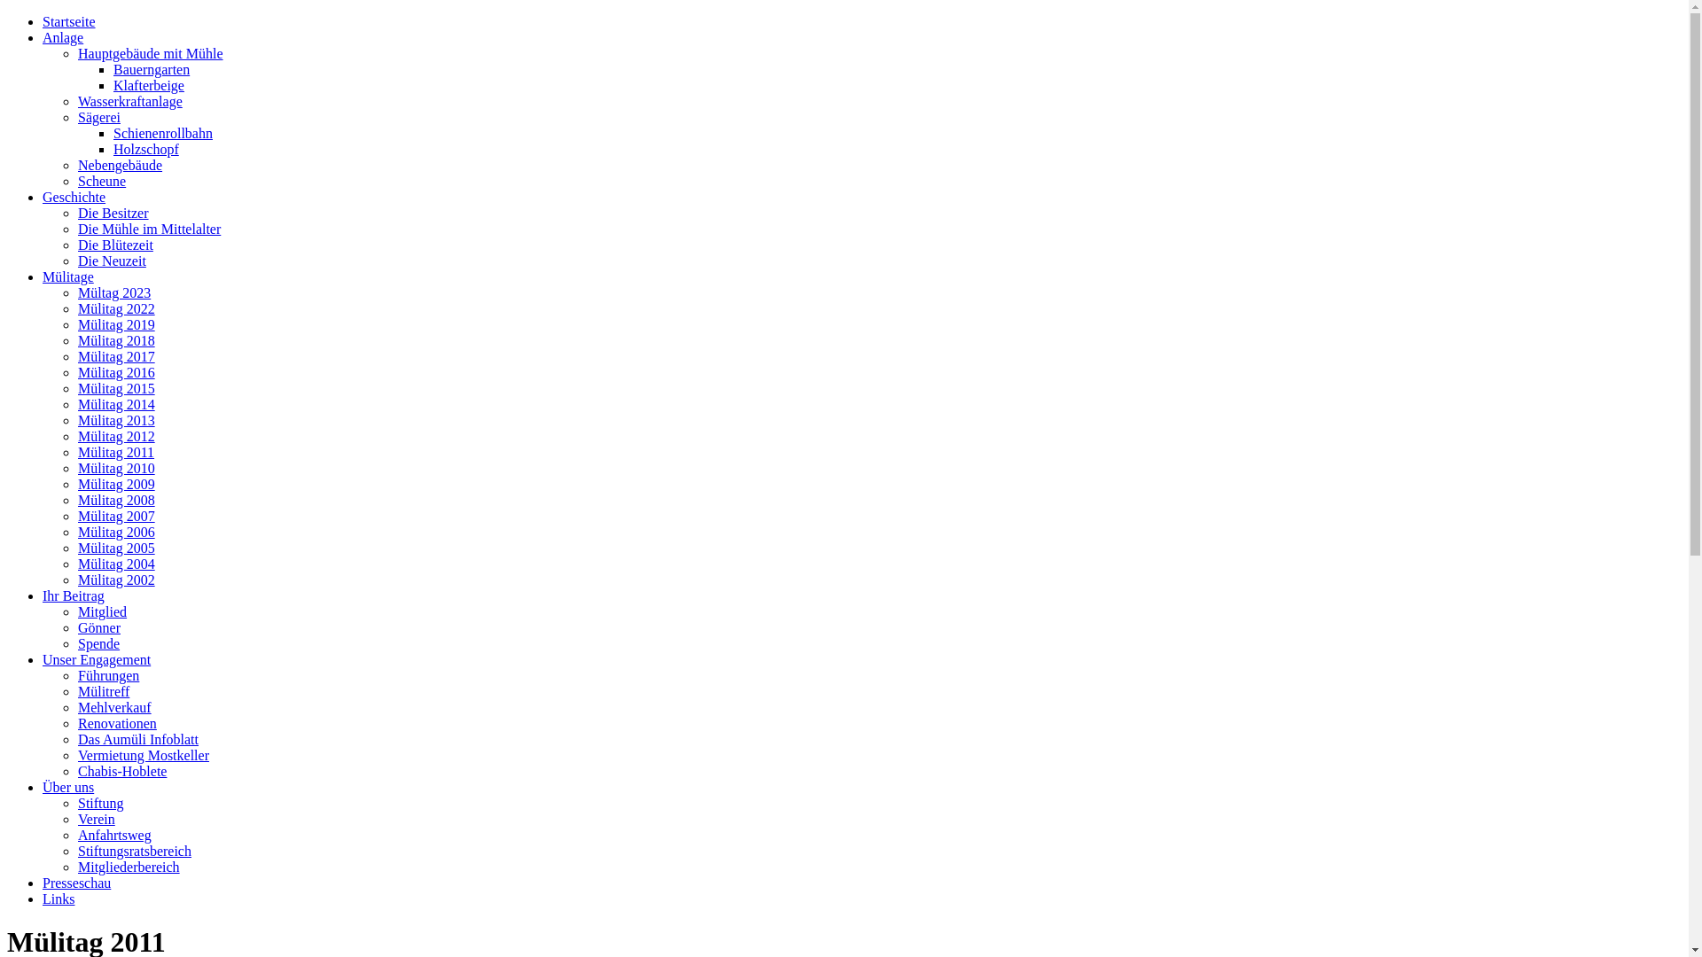 Image resolution: width=1702 pixels, height=957 pixels. Describe the element at coordinates (101, 611) in the screenshot. I see `'Mitglied'` at that location.